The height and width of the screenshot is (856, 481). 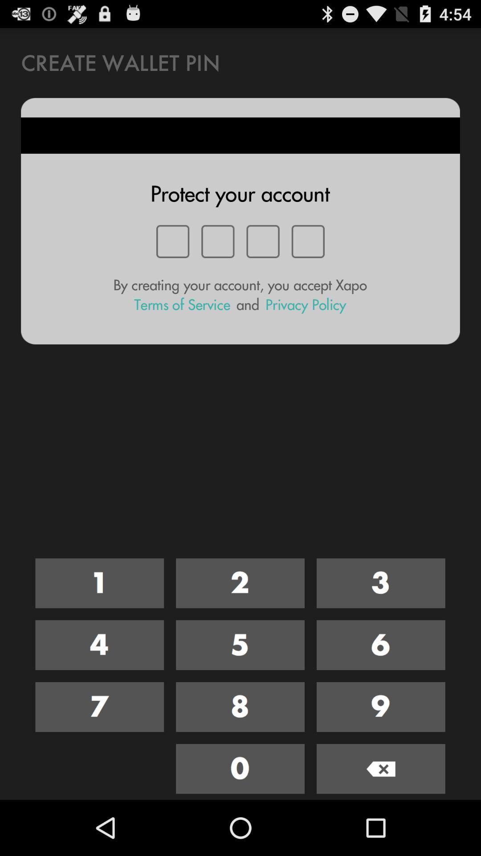 I want to click on backspace, so click(x=381, y=768).